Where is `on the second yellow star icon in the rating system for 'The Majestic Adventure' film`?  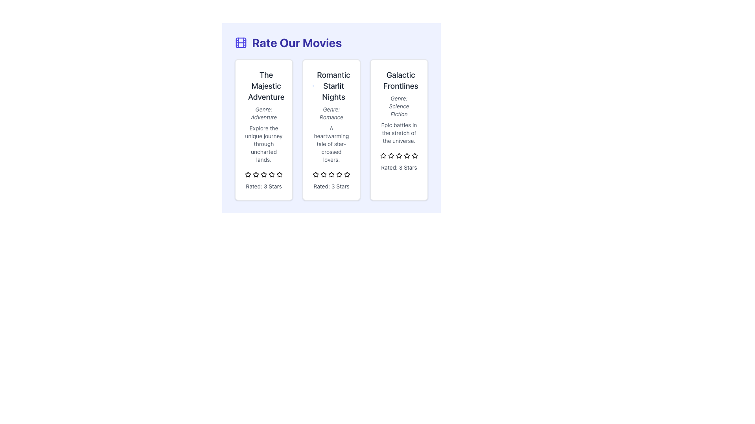
on the second yellow star icon in the rating system for 'The Majestic Adventure' film is located at coordinates (247, 174).